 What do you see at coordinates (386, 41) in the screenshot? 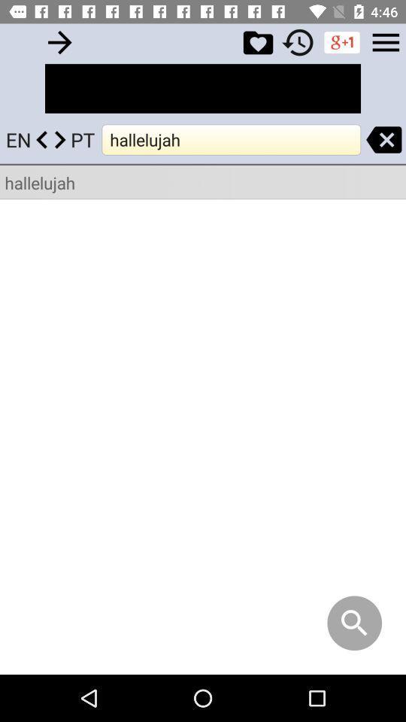
I see `the menu bar` at bounding box center [386, 41].